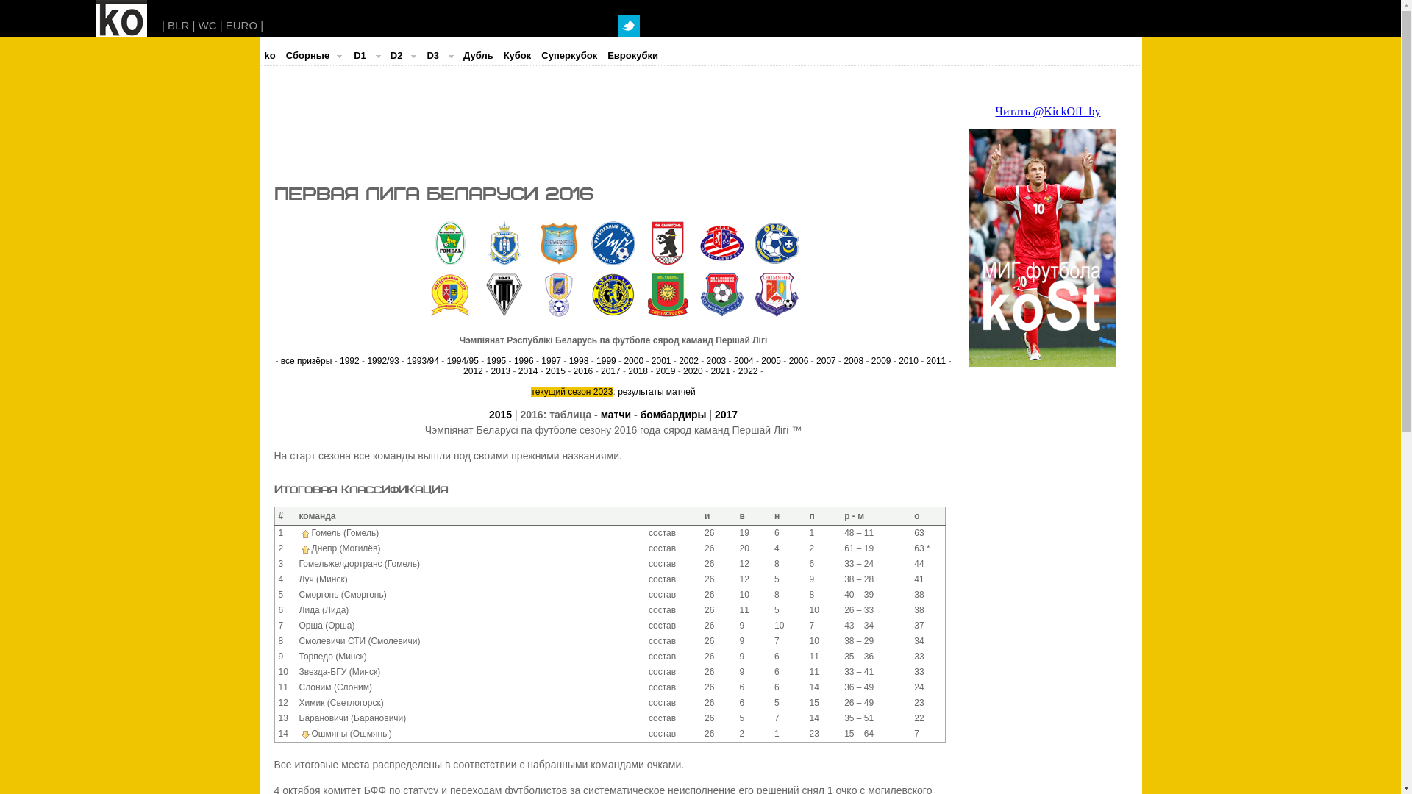 The width and height of the screenshot is (1412, 794). What do you see at coordinates (624, 360) in the screenshot?
I see `'2000'` at bounding box center [624, 360].